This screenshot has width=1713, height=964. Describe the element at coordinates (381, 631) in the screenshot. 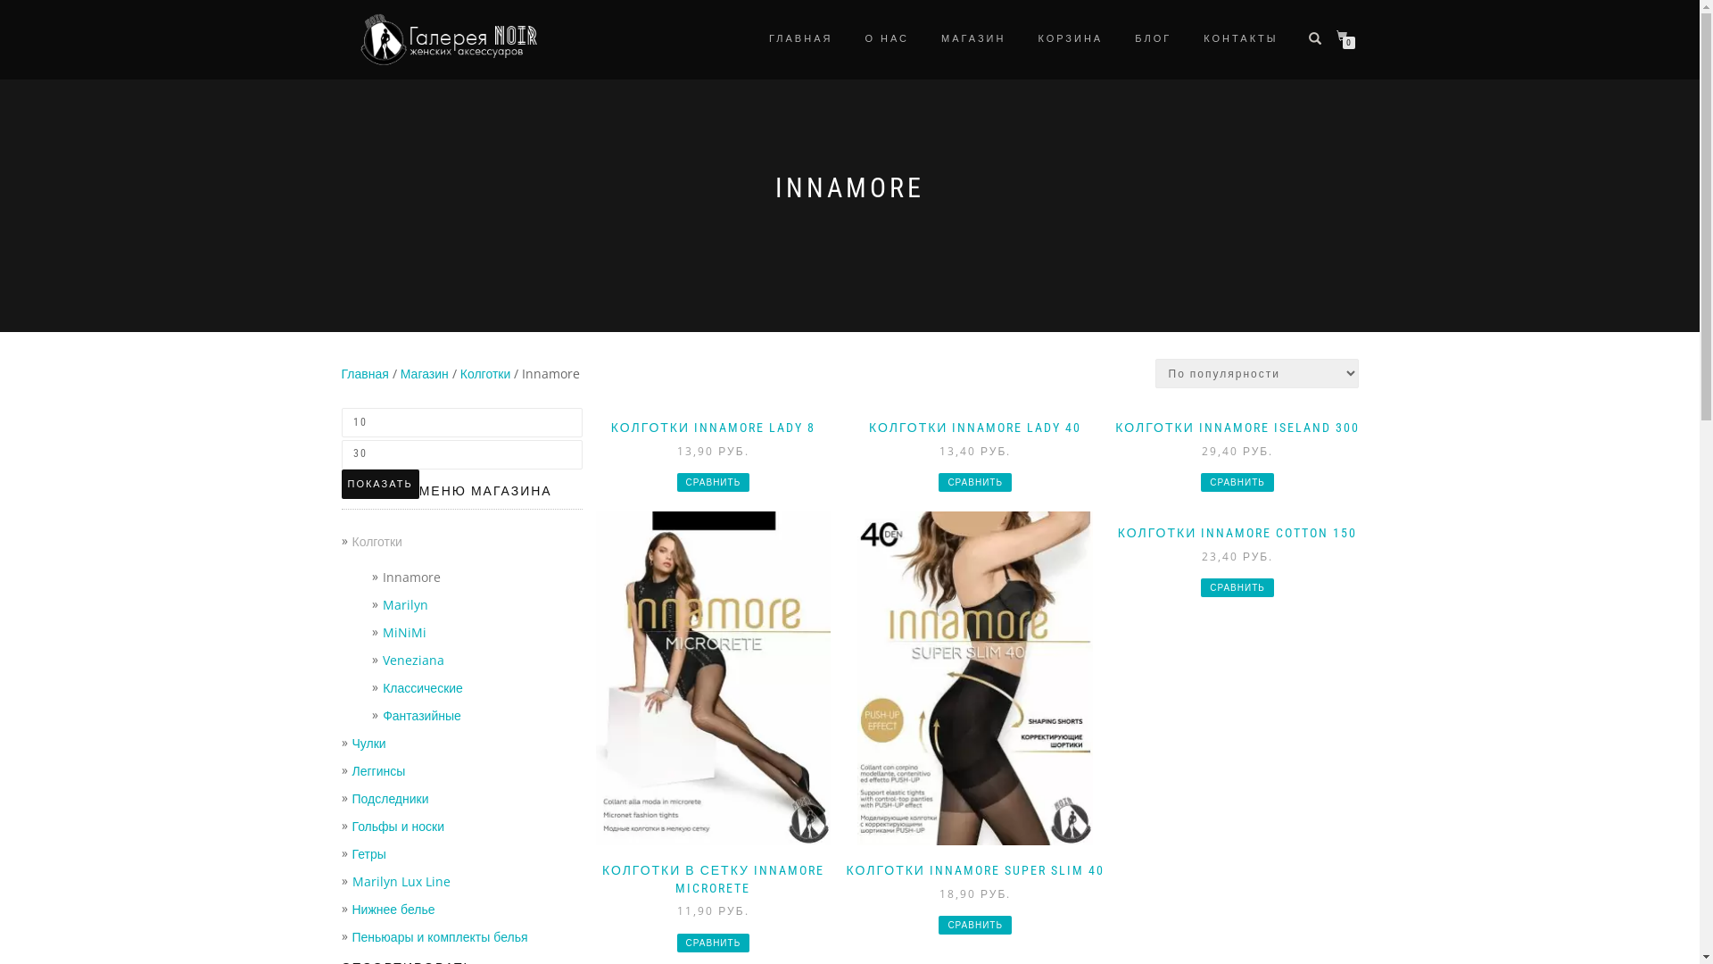

I see `'MiNiMi'` at that location.